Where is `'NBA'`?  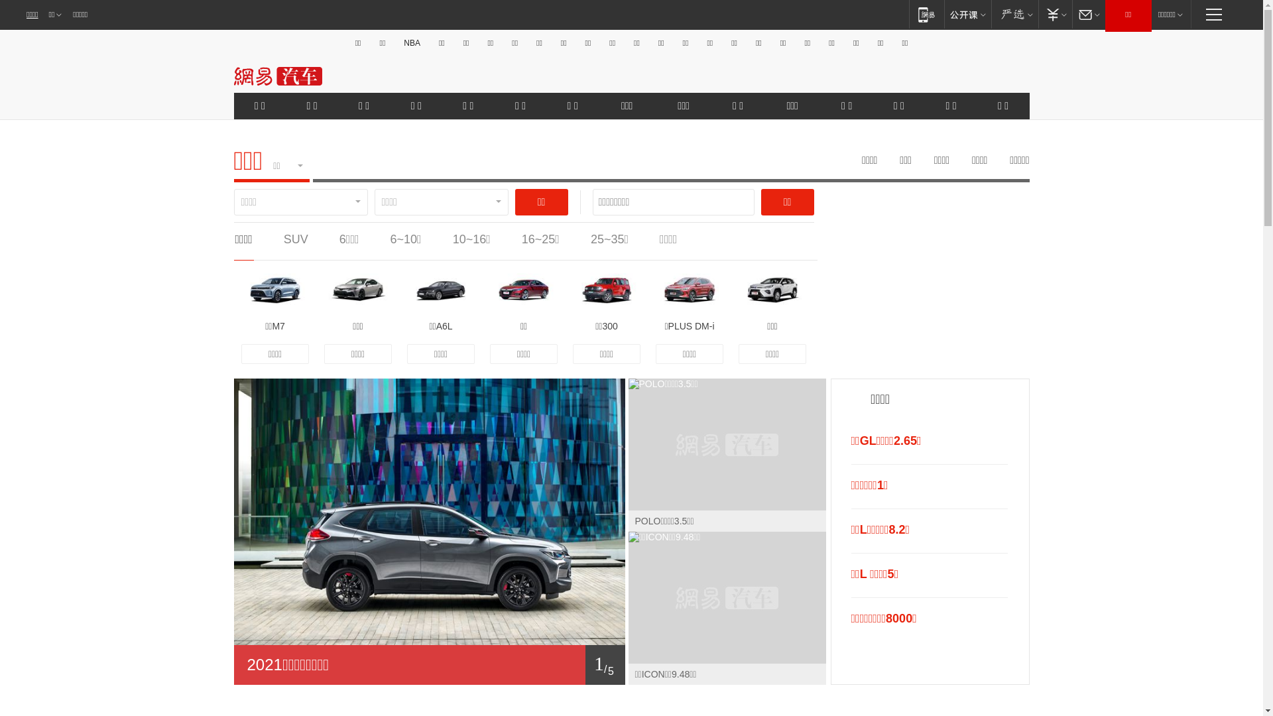 'NBA' is located at coordinates (411, 42).